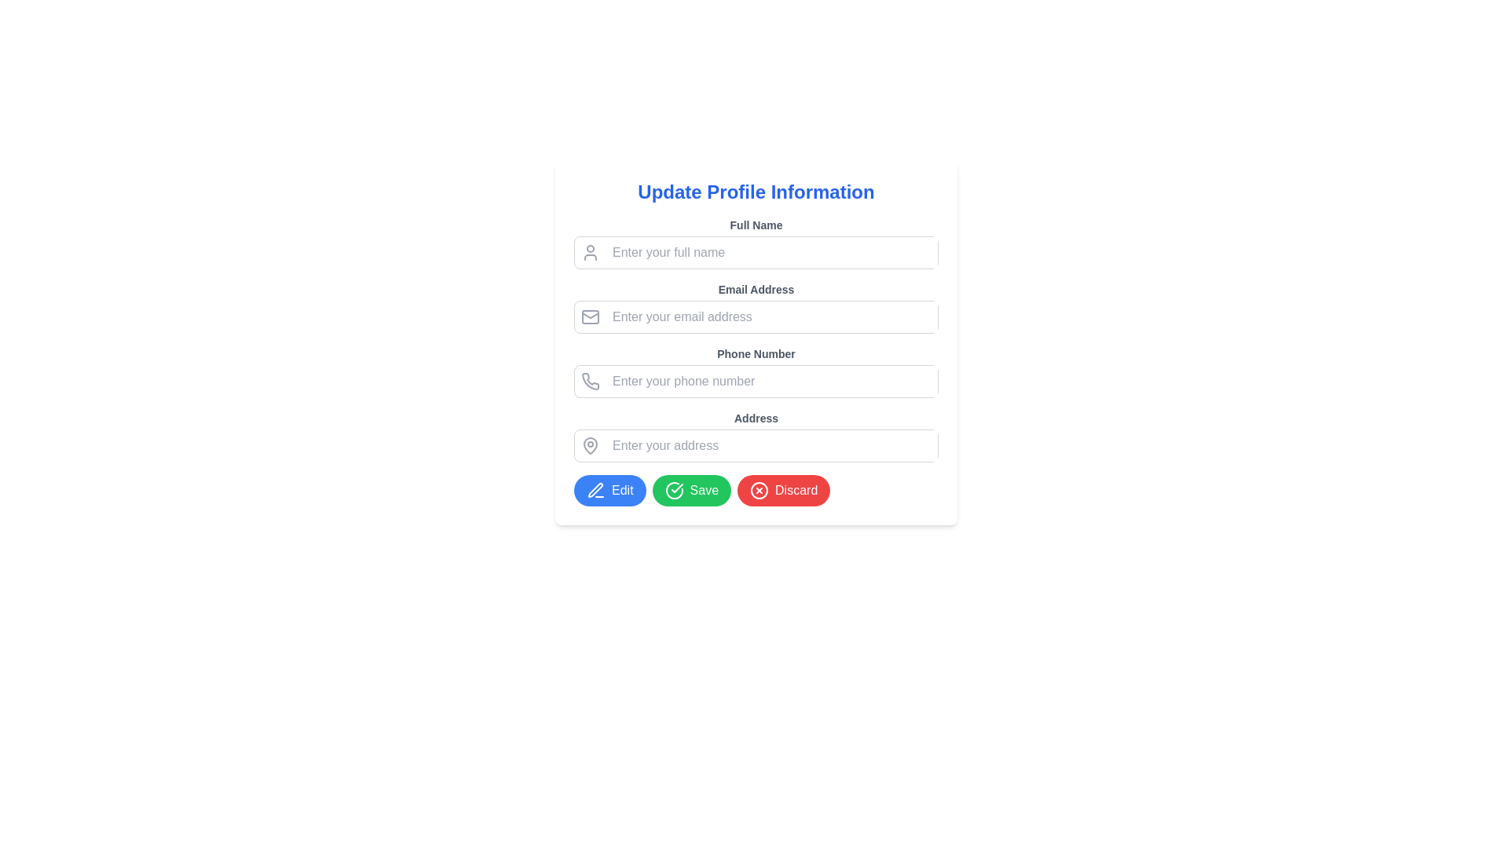 The image size is (1508, 848). What do you see at coordinates (756, 308) in the screenshot?
I see `the email input field labeled 'Email Address' to focus the input for user entry` at bounding box center [756, 308].